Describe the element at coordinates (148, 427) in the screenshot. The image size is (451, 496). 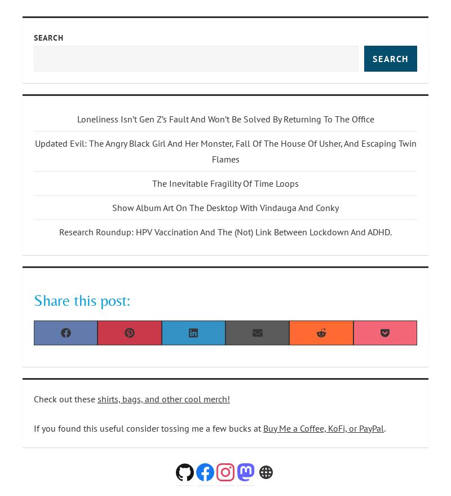
I see `'If you found this useful consider tossing me a few bucks at'` at that location.